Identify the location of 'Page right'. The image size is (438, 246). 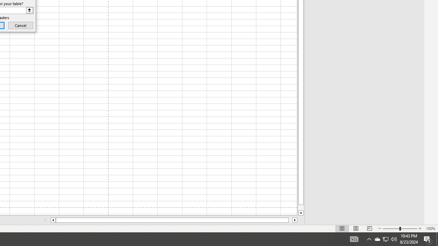
(290, 220).